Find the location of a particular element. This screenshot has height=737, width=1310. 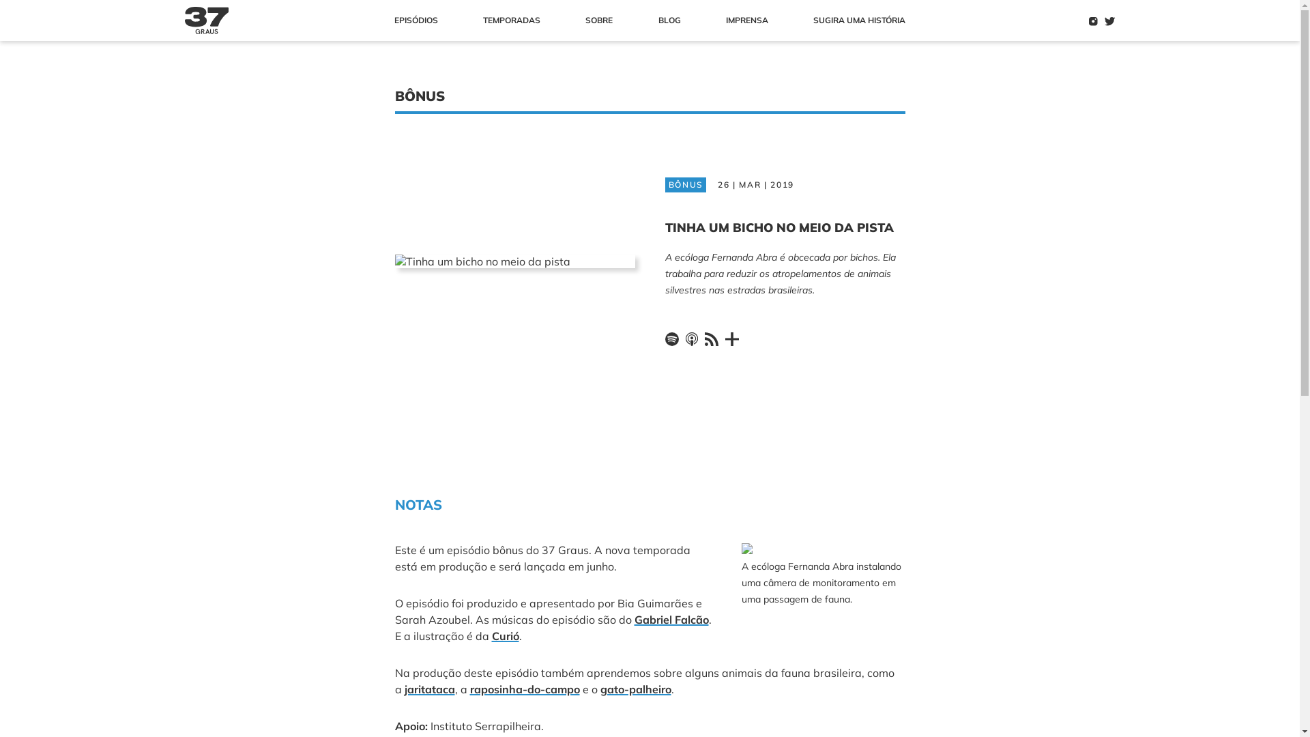

'gato-palheiro' is located at coordinates (635, 689).